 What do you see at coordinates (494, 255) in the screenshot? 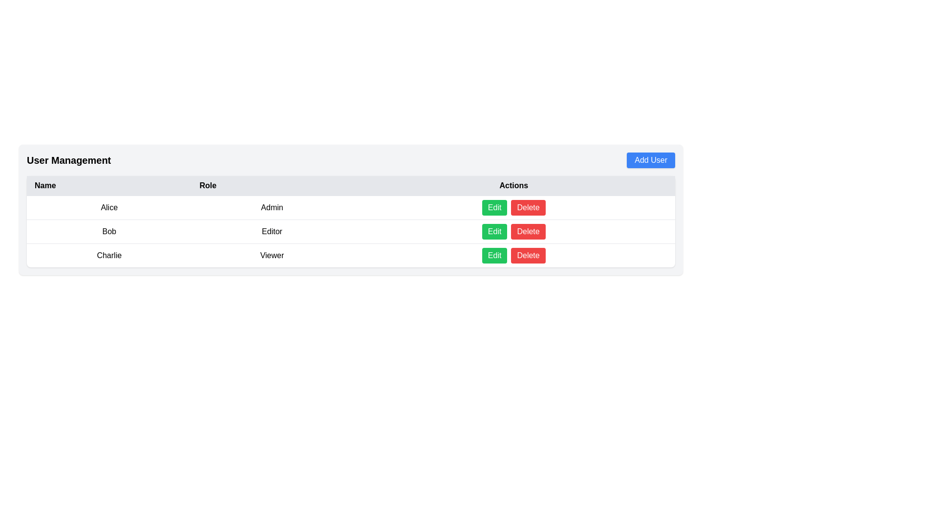
I see `the green rectangular button with rounded corners labeled 'Edit' located in the third row of the 'Actions' column` at bounding box center [494, 255].